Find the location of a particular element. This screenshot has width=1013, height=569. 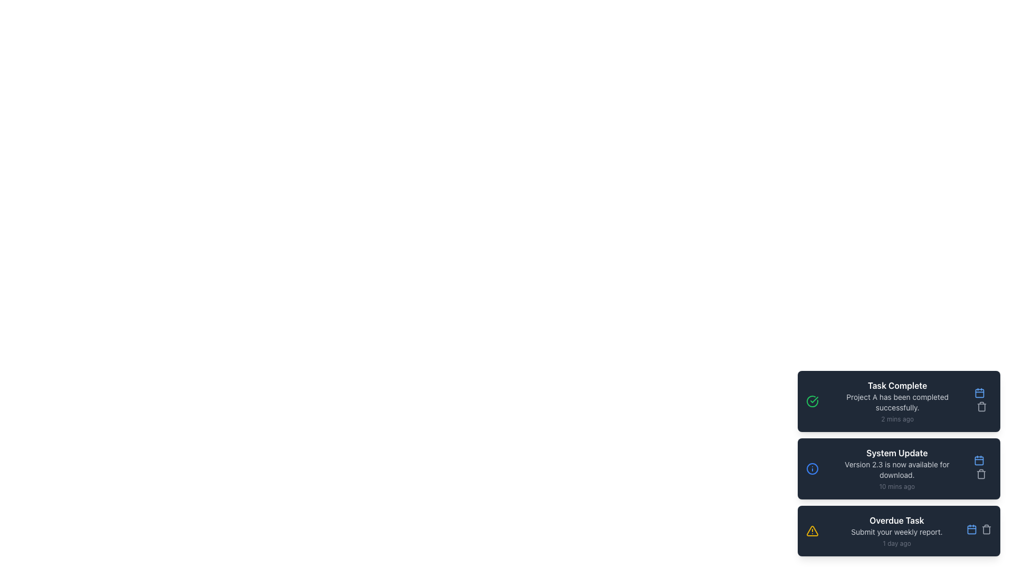

the green check marker icon within the 'Task Complete' notification card is located at coordinates (814, 400).